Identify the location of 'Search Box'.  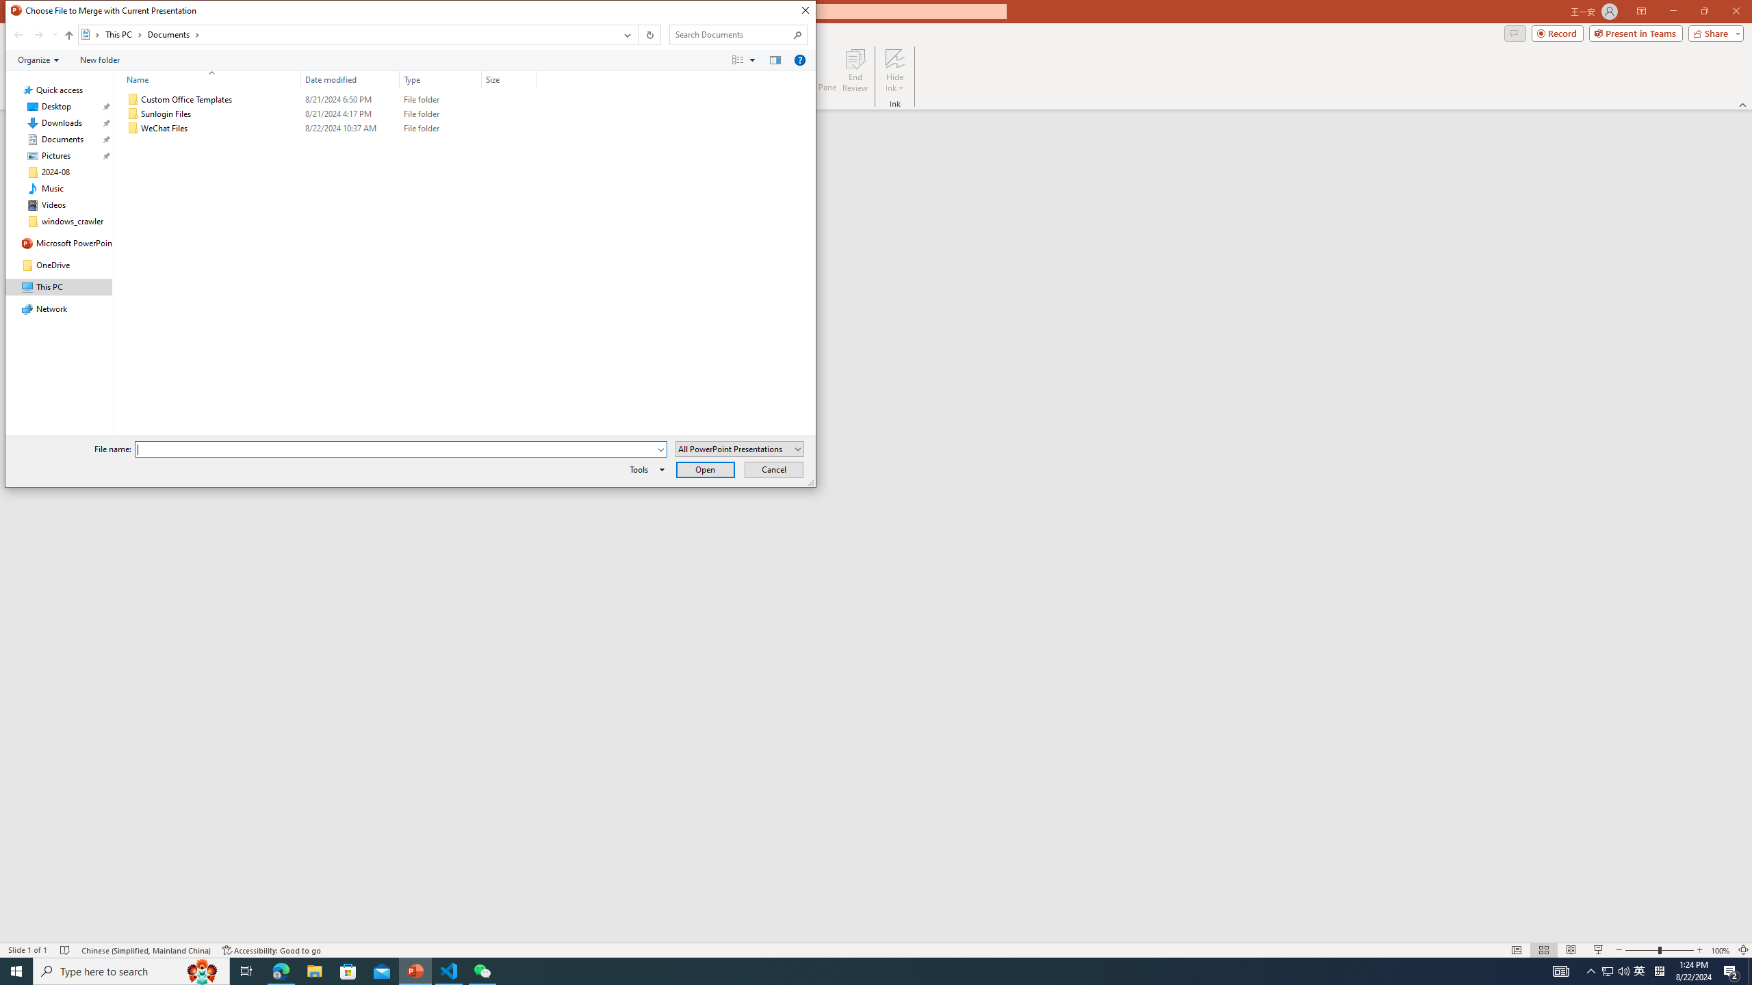
(731, 34).